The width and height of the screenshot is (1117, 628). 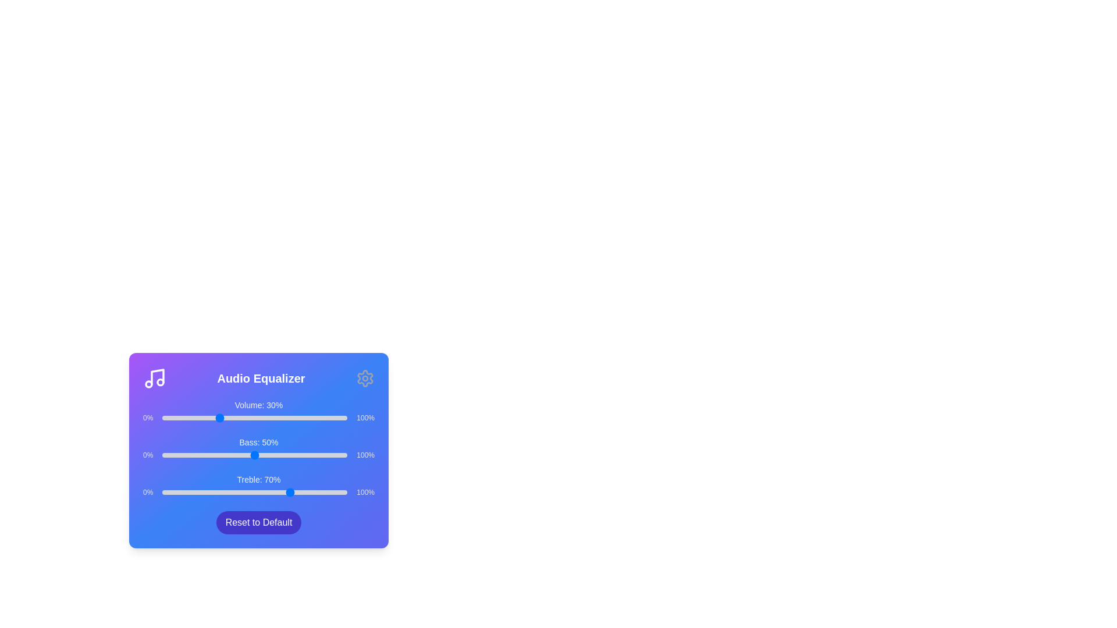 I want to click on the Treble slider to 2%, so click(x=165, y=493).